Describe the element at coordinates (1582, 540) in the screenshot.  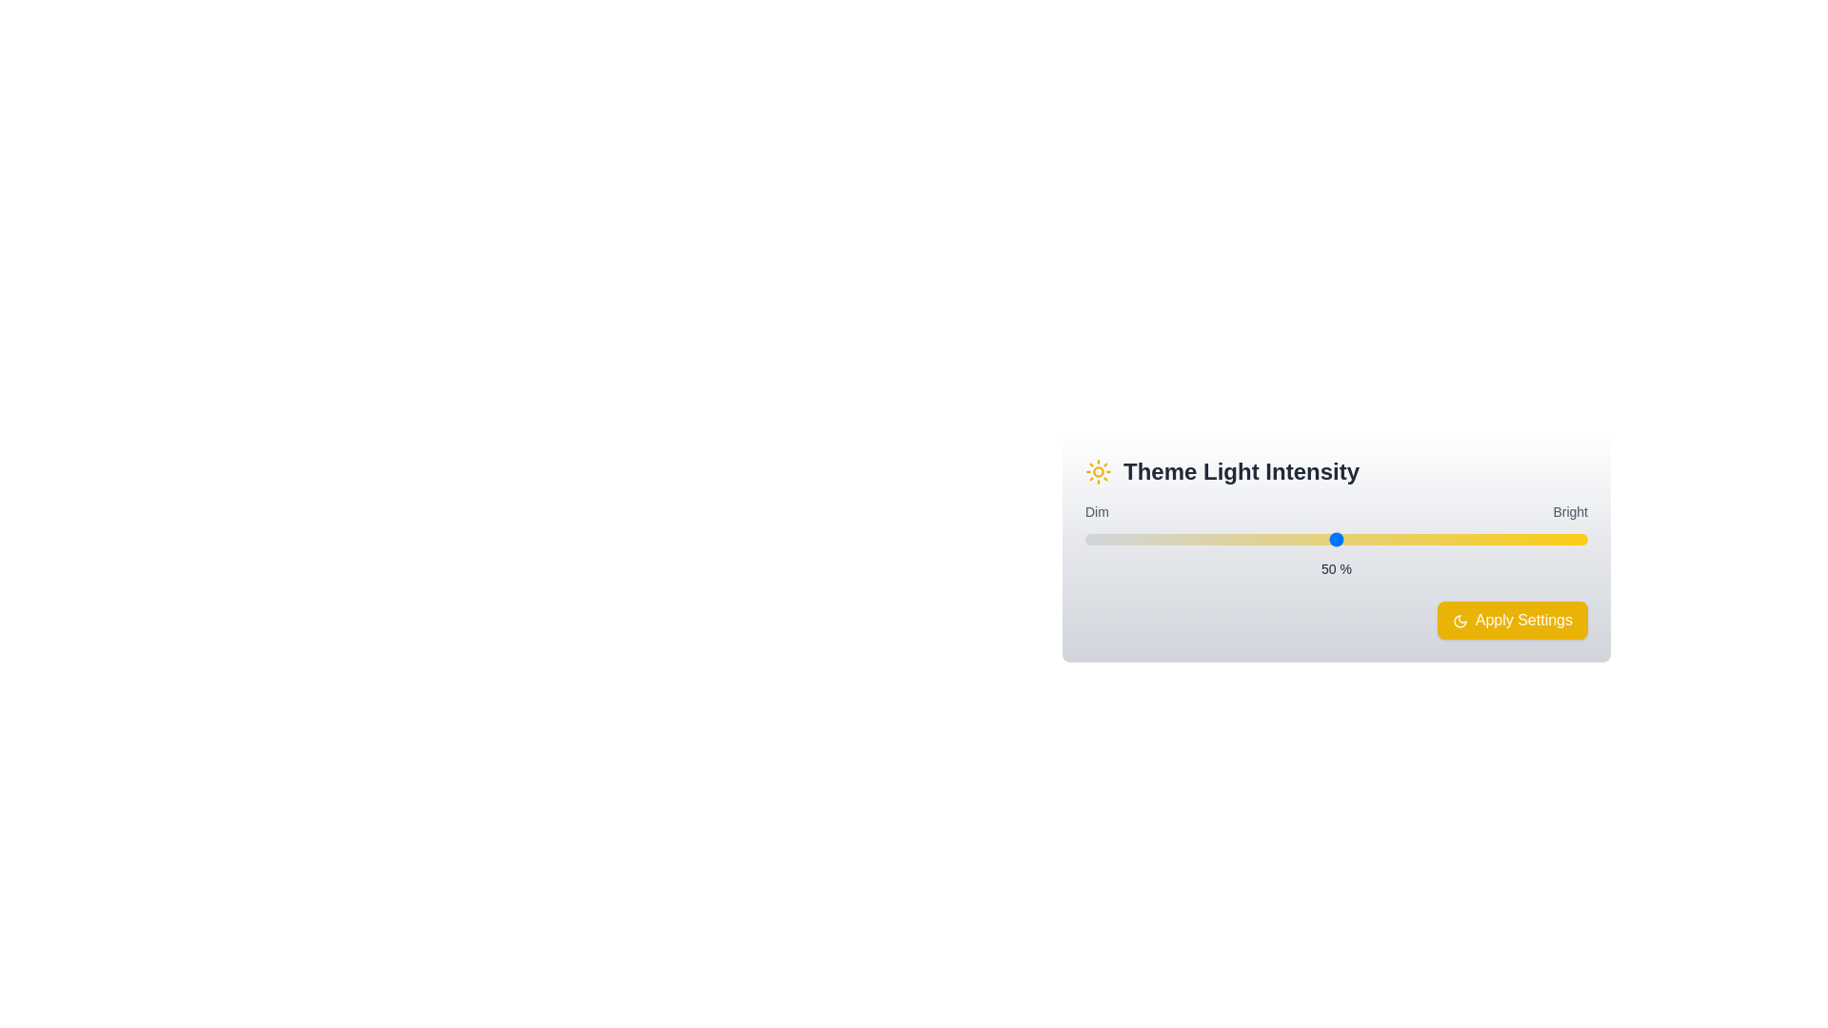
I see `the light intensity to 99% by interacting with the slider` at that location.